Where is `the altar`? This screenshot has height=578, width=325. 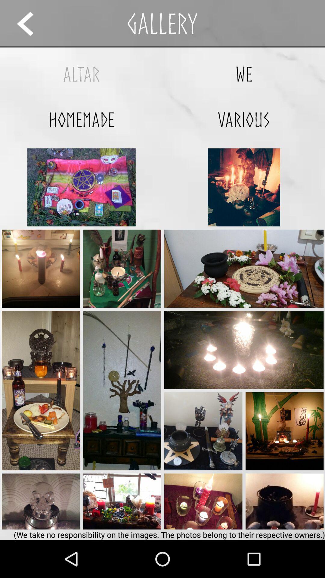
the altar is located at coordinates (81, 74).